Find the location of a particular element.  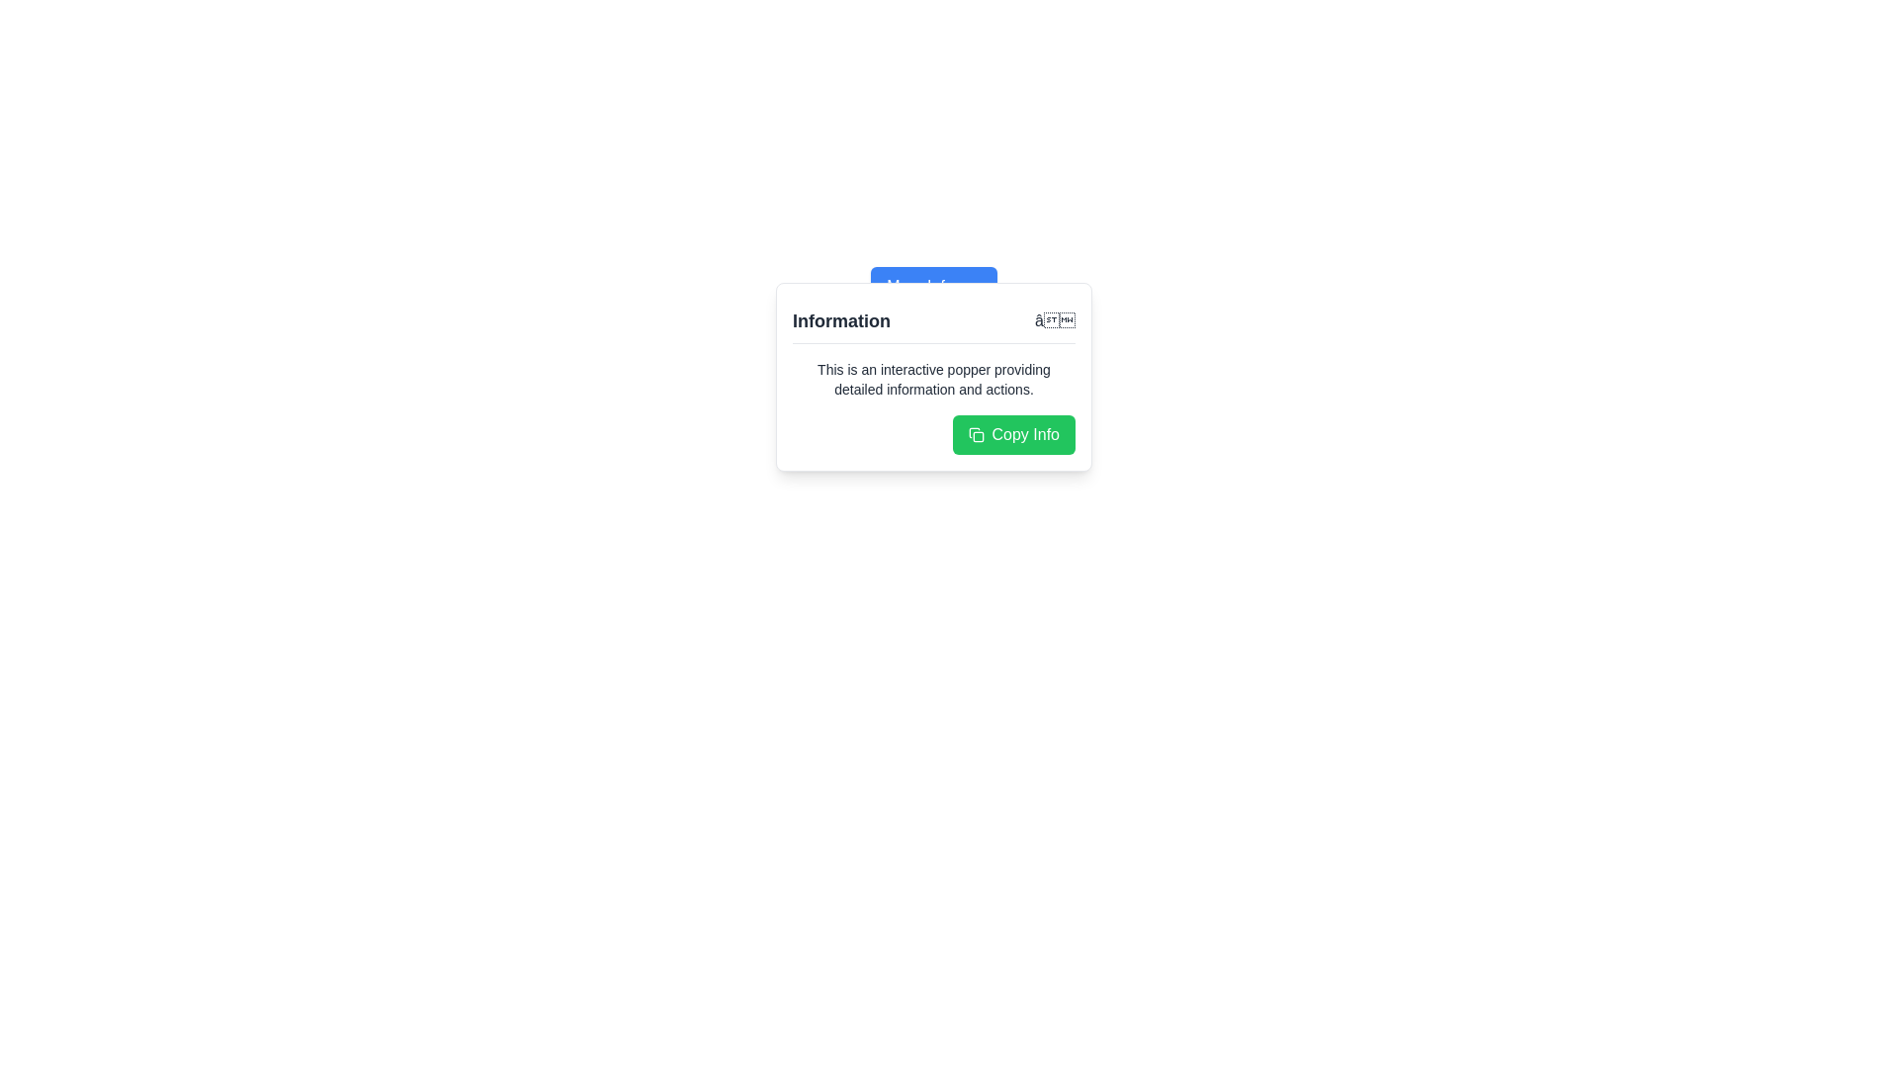

the static text display component located in the pop-up card interface below the 'Information' title and above the 'Copy Info' button is located at coordinates (933, 380).